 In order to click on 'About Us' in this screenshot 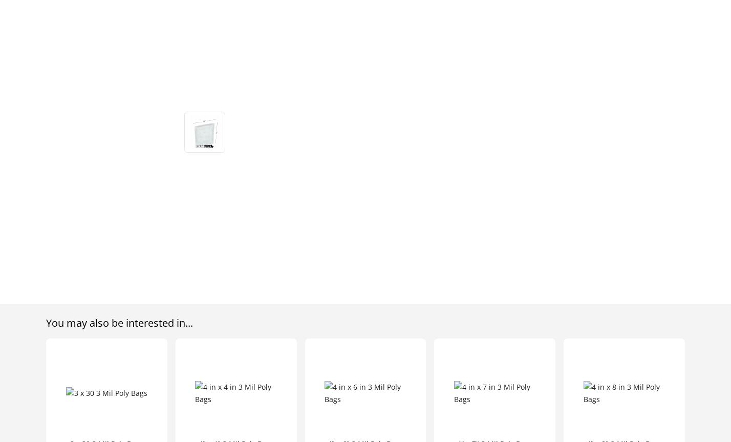, I will do `click(434, 7)`.